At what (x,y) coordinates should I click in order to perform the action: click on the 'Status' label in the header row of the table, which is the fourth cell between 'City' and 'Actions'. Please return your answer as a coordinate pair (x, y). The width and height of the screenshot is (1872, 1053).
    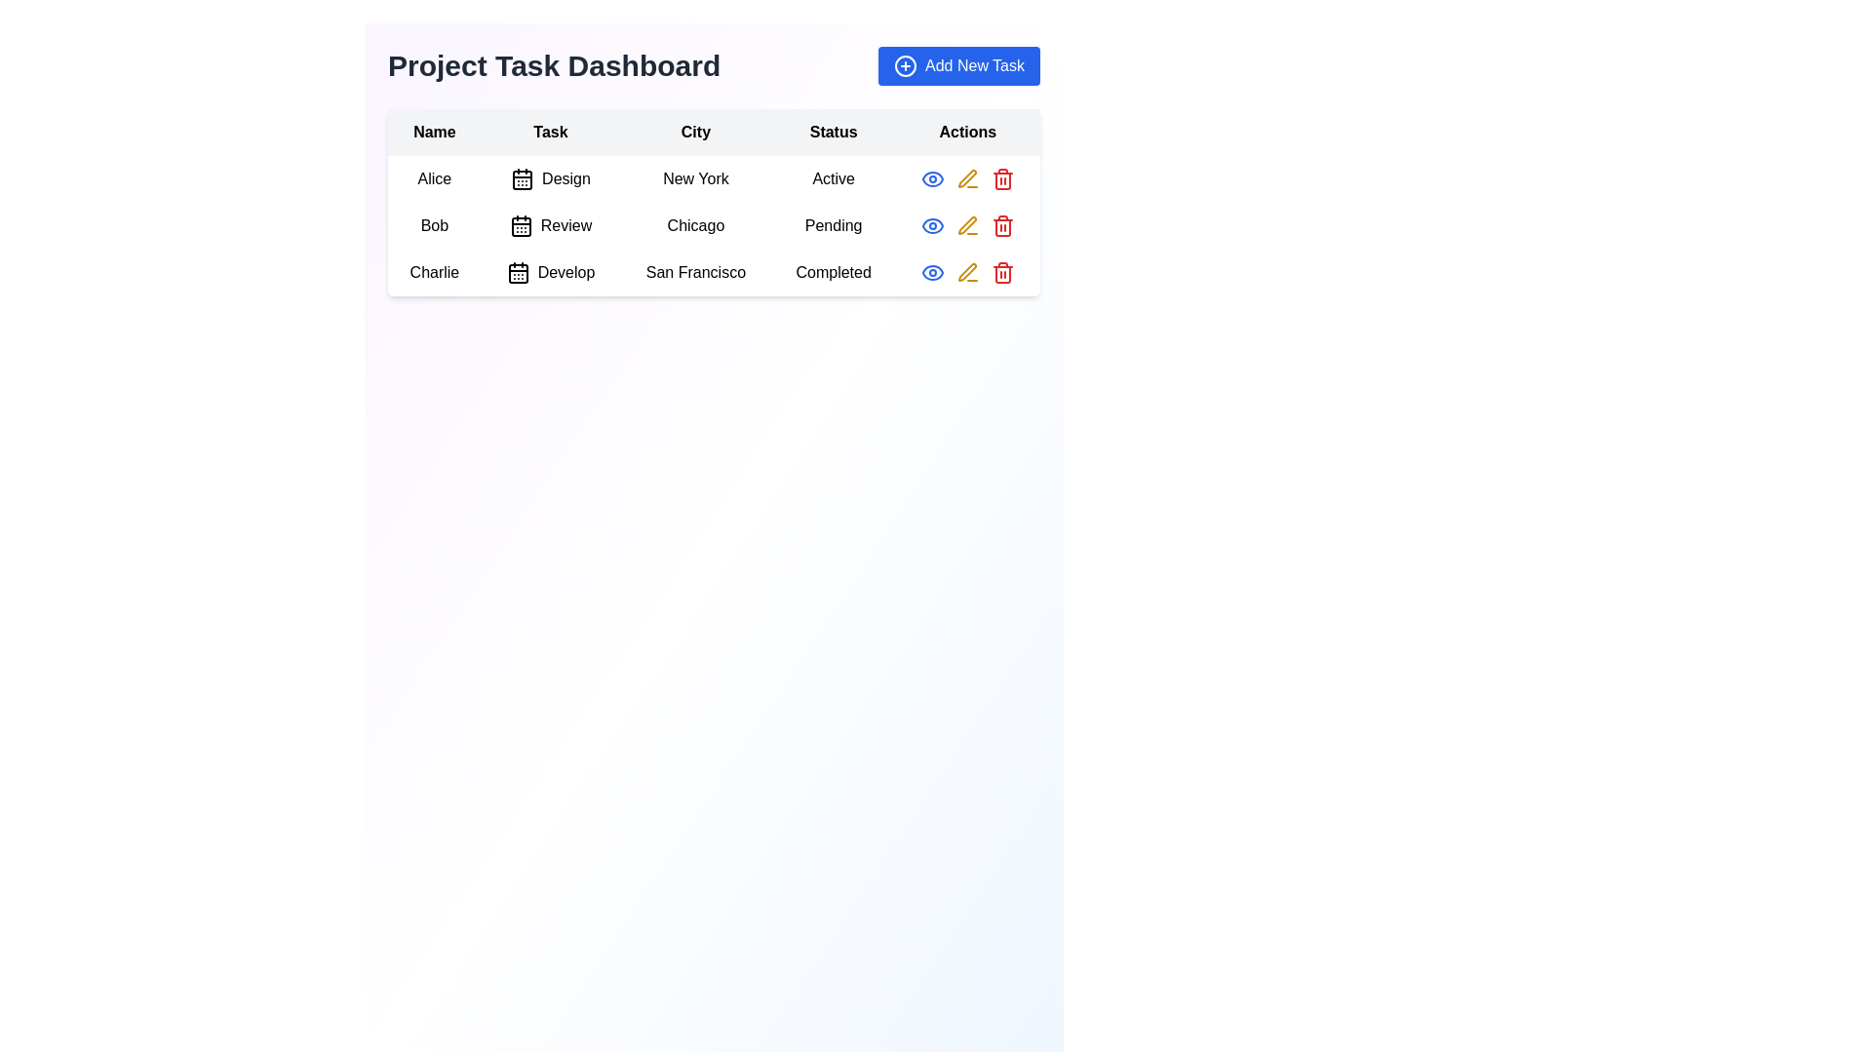
    Looking at the image, I should click on (834, 132).